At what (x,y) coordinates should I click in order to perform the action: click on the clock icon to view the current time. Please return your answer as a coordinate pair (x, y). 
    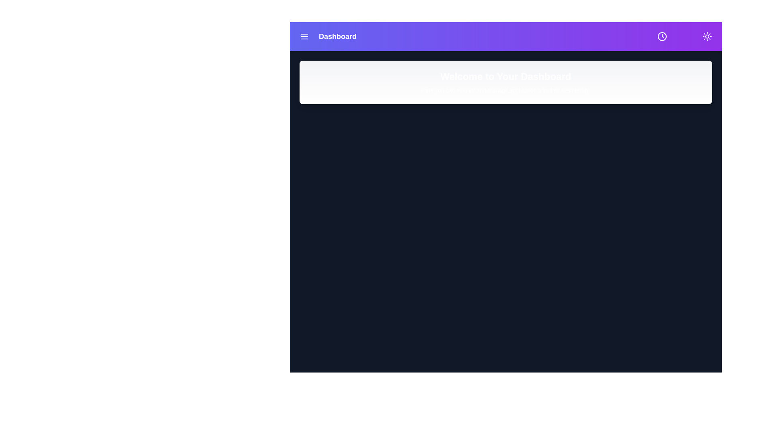
    Looking at the image, I should click on (662, 37).